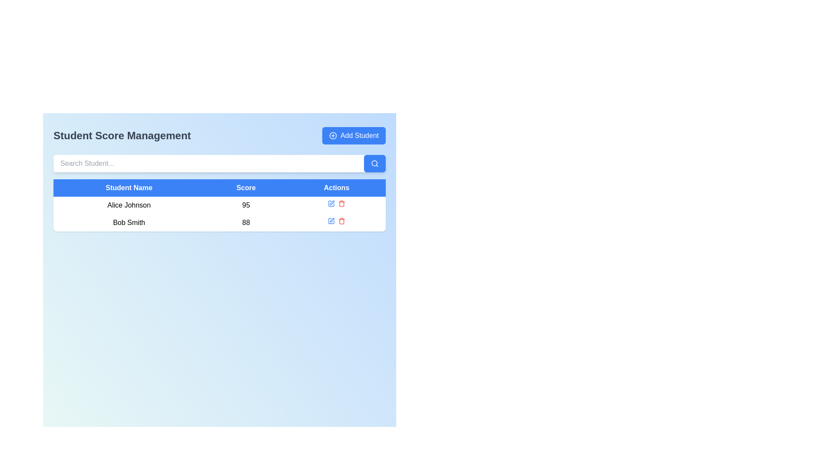 The width and height of the screenshot is (835, 470). I want to click on the middle region of the trash can icon in the 'Actions' column, corresponding to the second row in the table, so click(341, 204).